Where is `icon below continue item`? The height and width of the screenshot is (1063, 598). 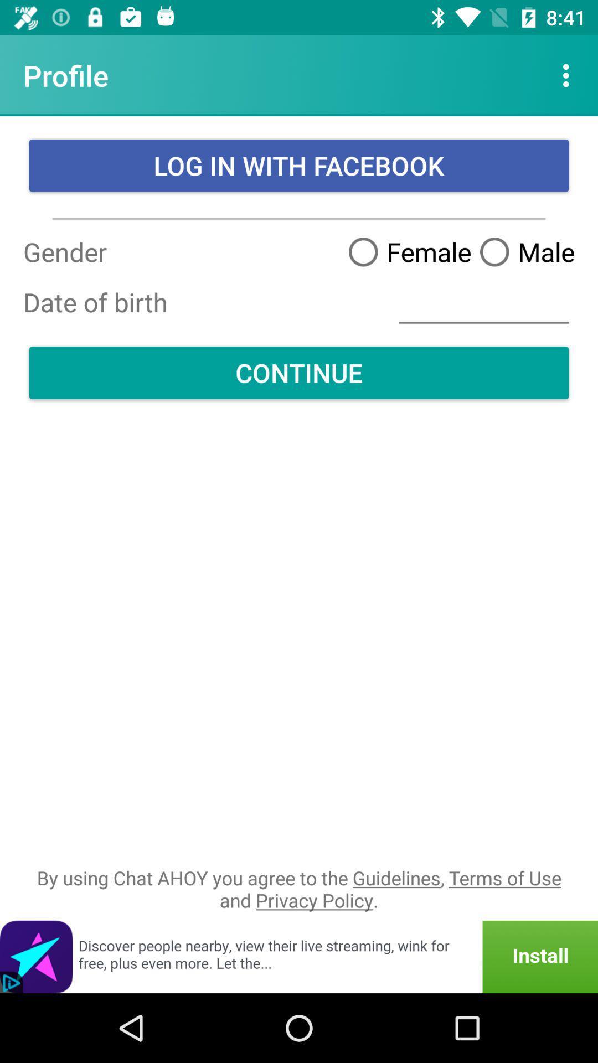
icon below continue item is located at coordinates (299, 889).